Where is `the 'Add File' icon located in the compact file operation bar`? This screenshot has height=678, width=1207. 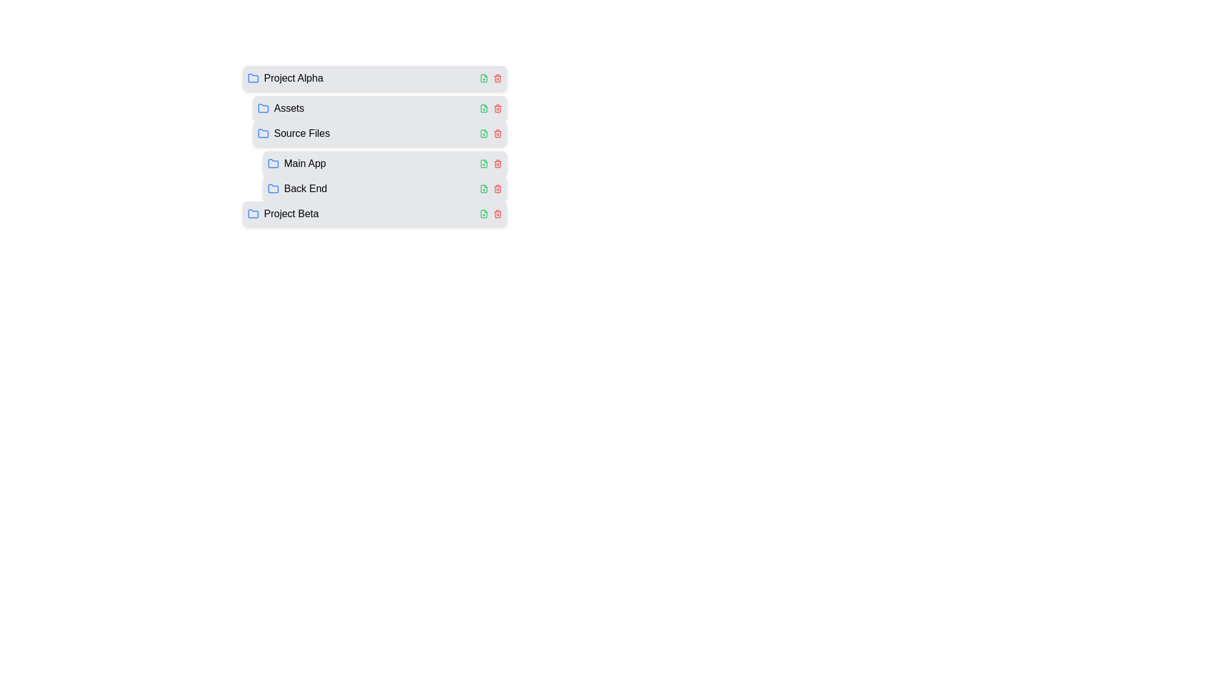 the 'Add File' icon located in the compact file operation bar is located at coordinates (483, 133).